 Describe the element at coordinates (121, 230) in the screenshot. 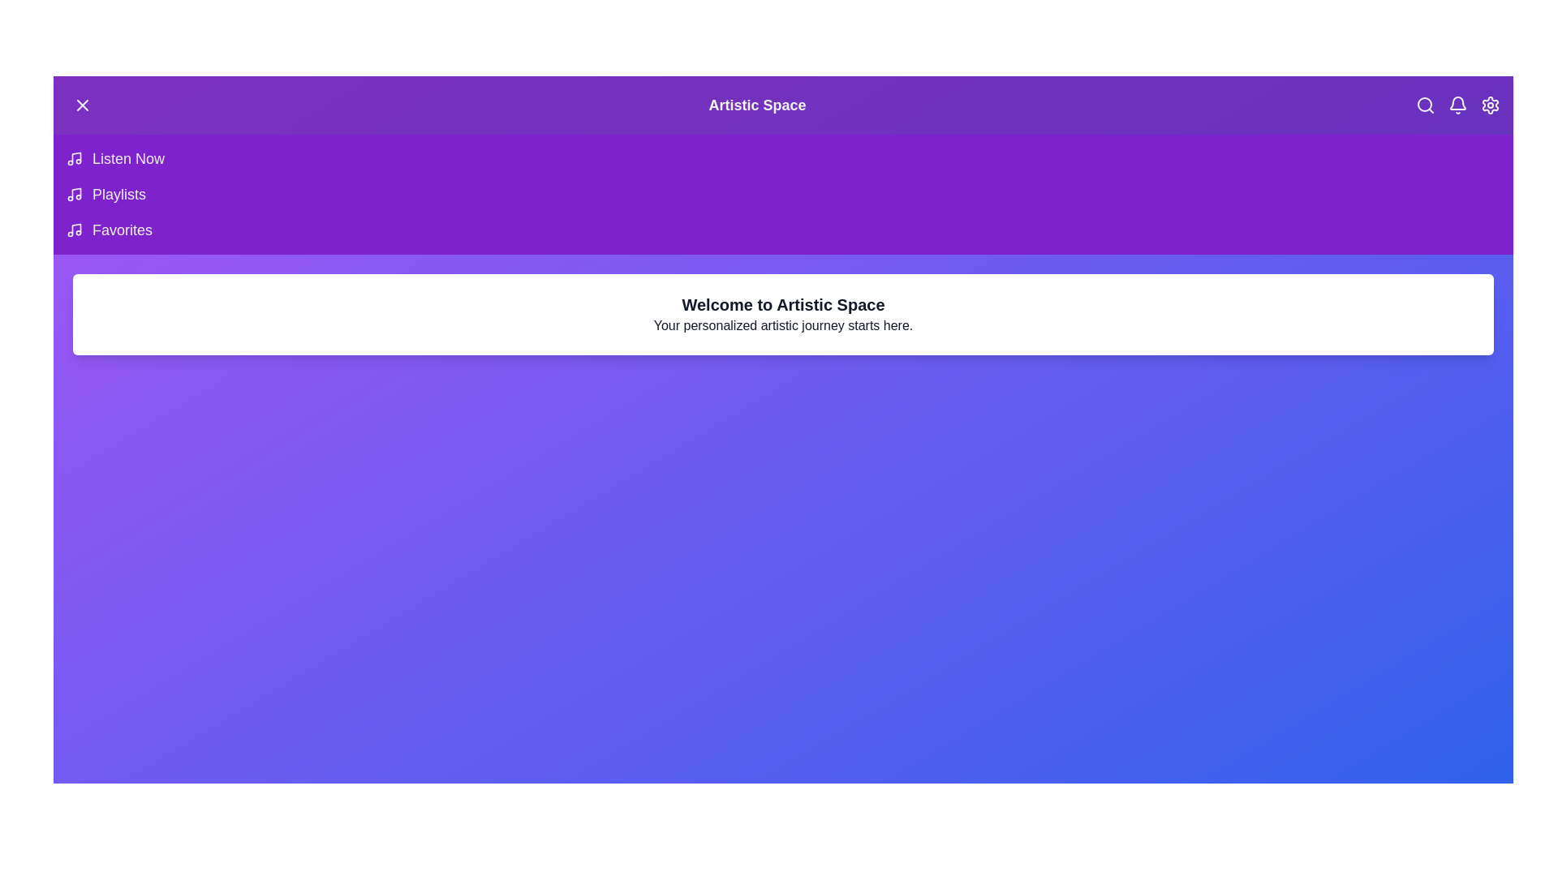

I see `the 'Favorites' link` at that location.